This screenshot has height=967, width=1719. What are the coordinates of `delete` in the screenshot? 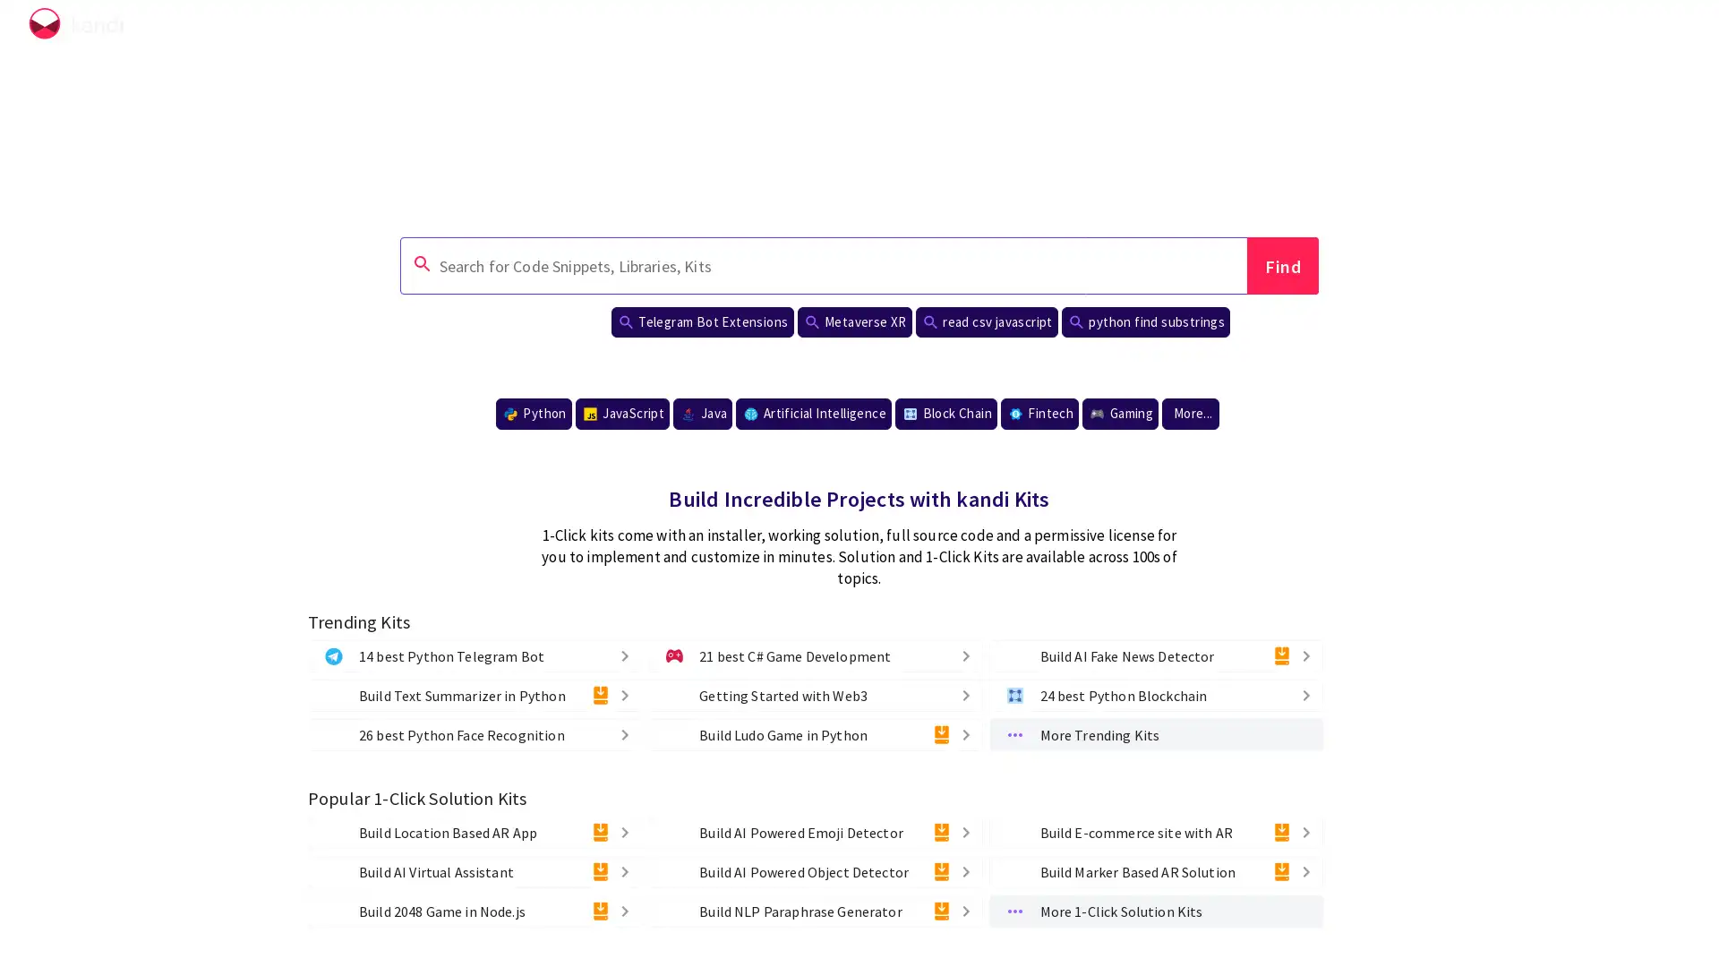 It's located at (1292, 693).